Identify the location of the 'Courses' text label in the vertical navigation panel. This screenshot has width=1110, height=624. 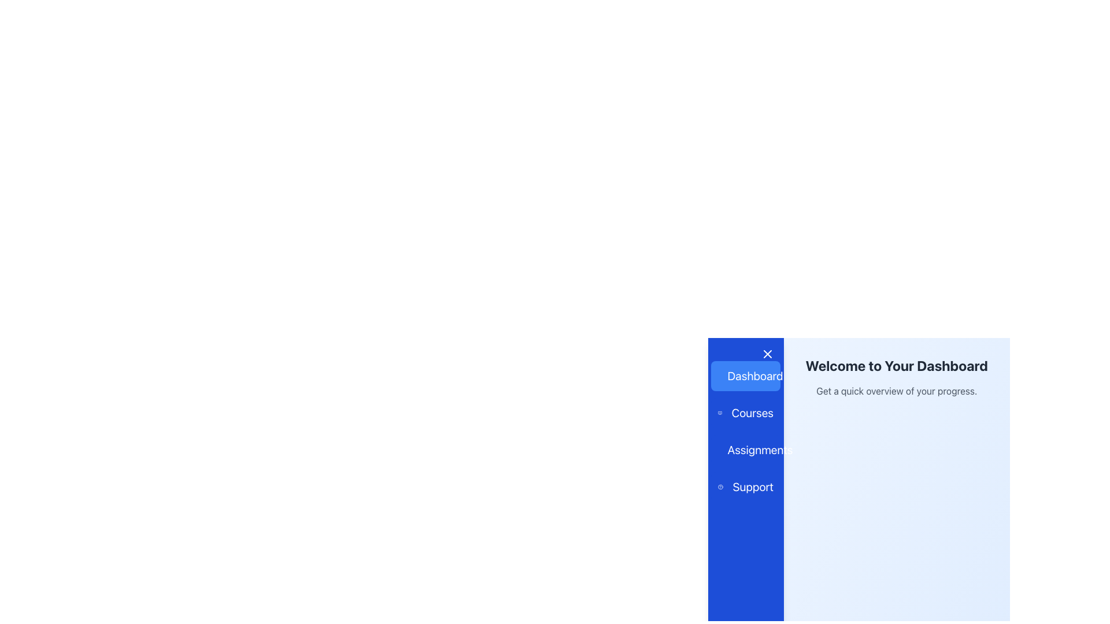
(752, 412).